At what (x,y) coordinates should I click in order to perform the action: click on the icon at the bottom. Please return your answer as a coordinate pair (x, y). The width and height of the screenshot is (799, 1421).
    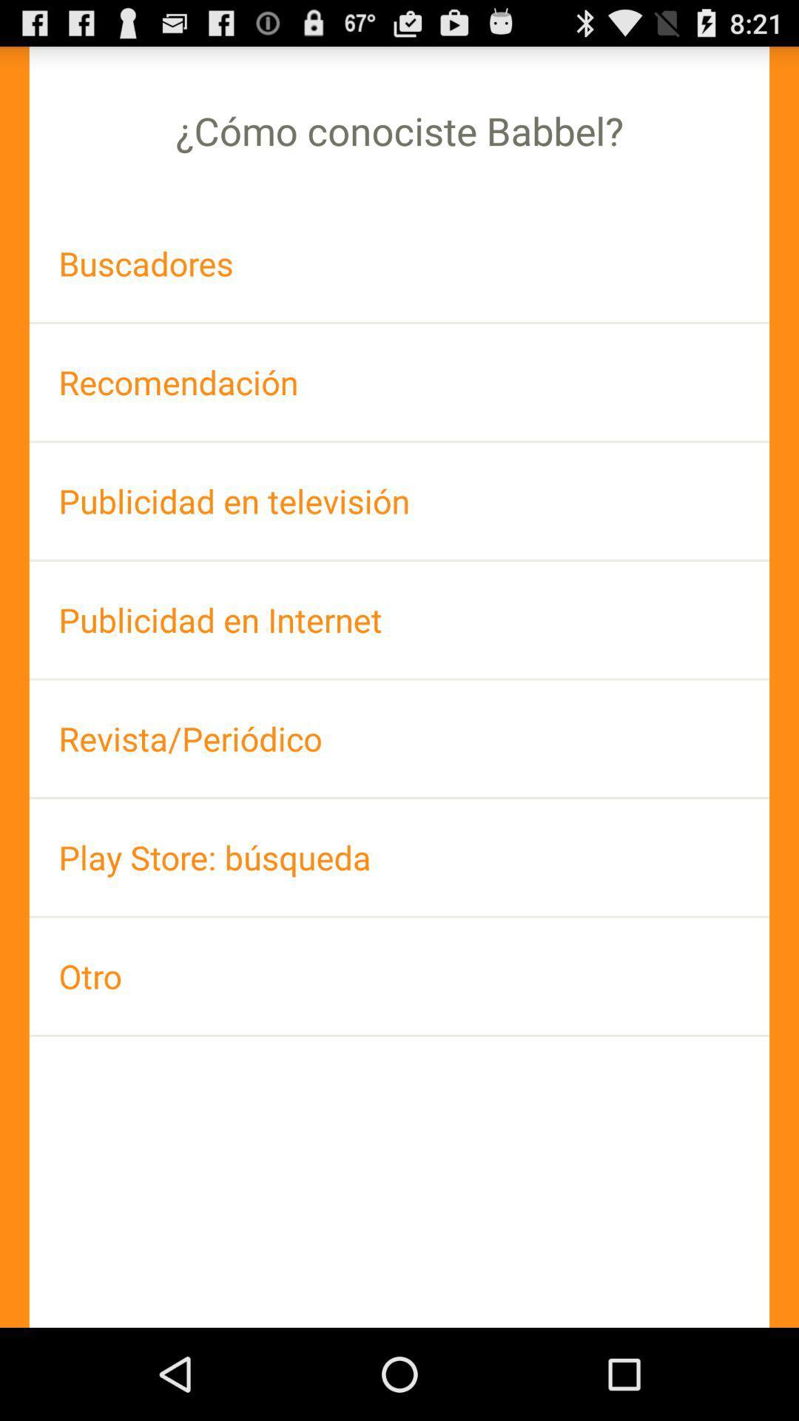
    Looking at the image, I should click on (399, 976).